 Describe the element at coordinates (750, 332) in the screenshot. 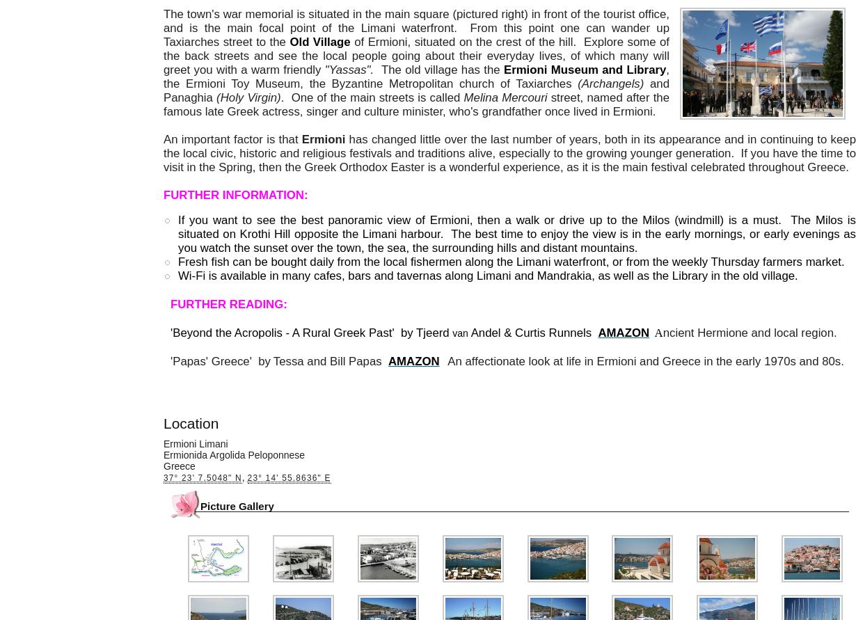

I see `'ncient Hermione and local region.'` at that location.